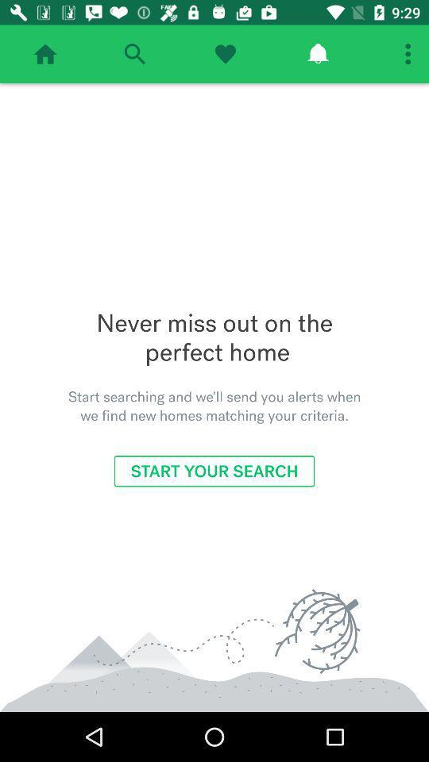 The height and width of the screenshot is (762, 429). Describe the element at coordinates (133, 54) in the screenshot. I see `search areas` at that location.